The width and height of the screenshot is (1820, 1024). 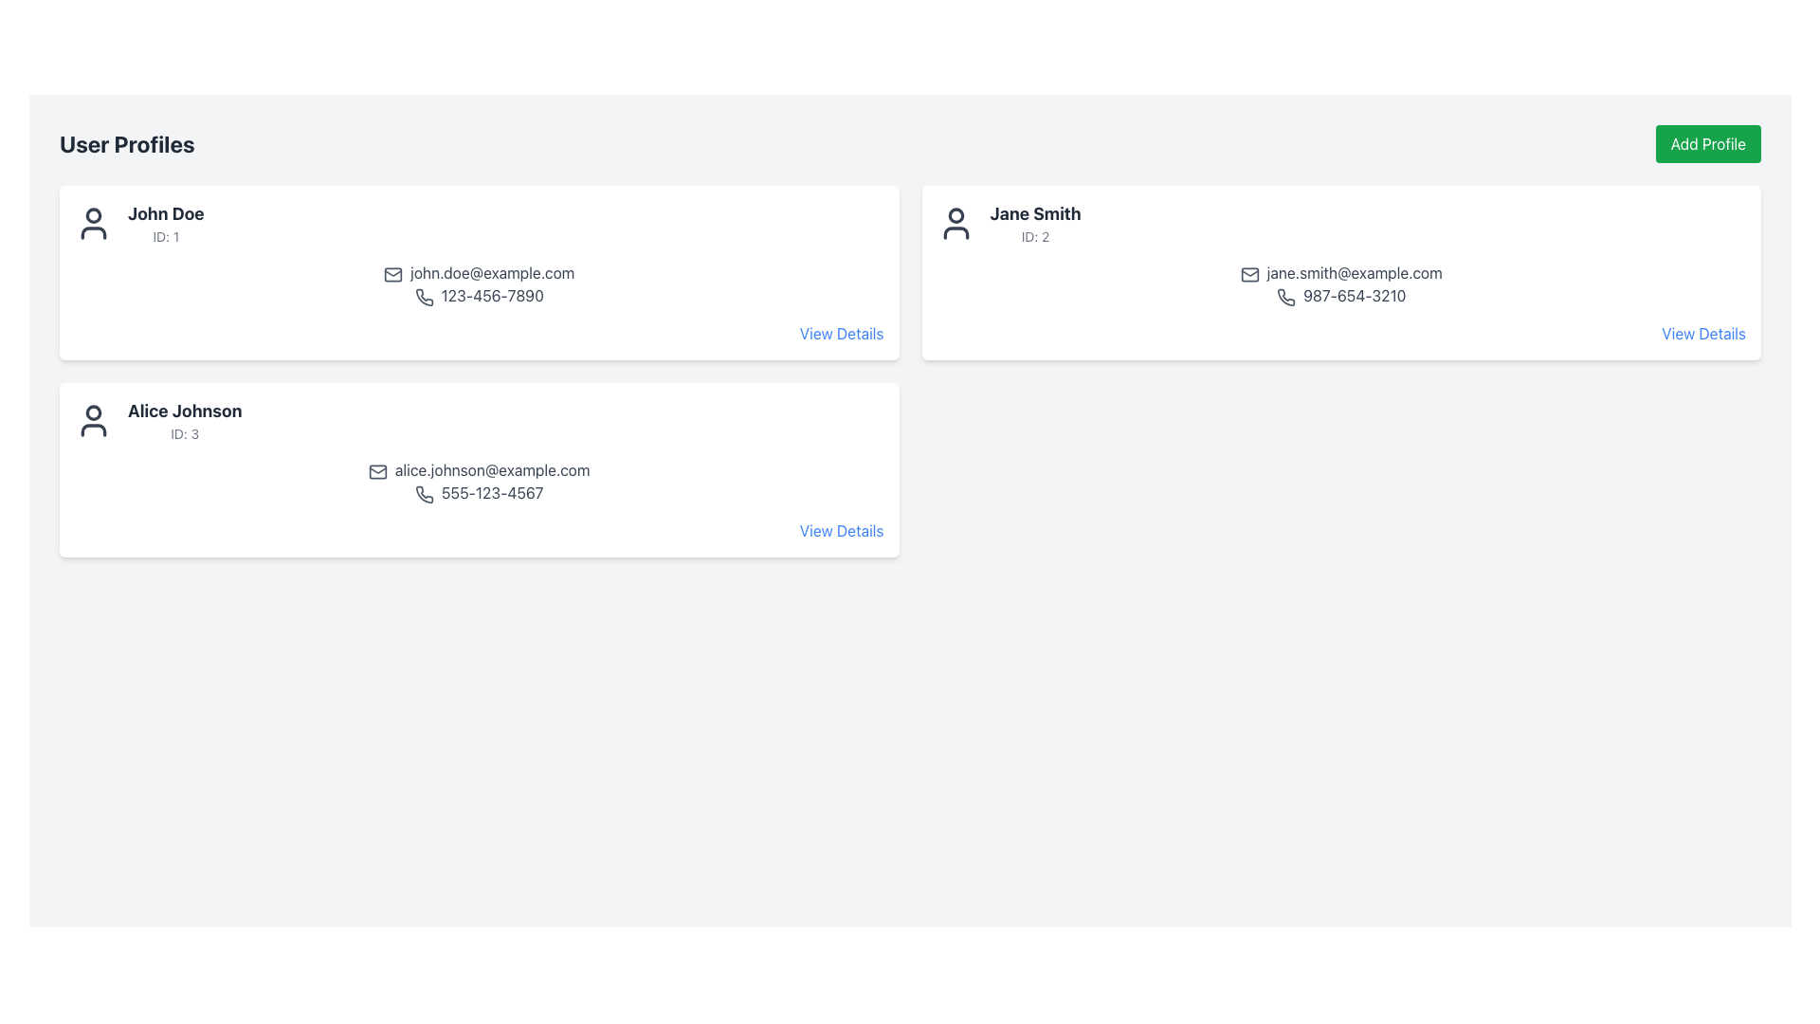 What do you see at coordinates (166, 213) in the screenshot?
I see `text from the text label displaying the user's name 'John Doe', located at the top-center of the user profile layout in the top-left card of the 'User Profiles' section` at bounding box center [166, 213].